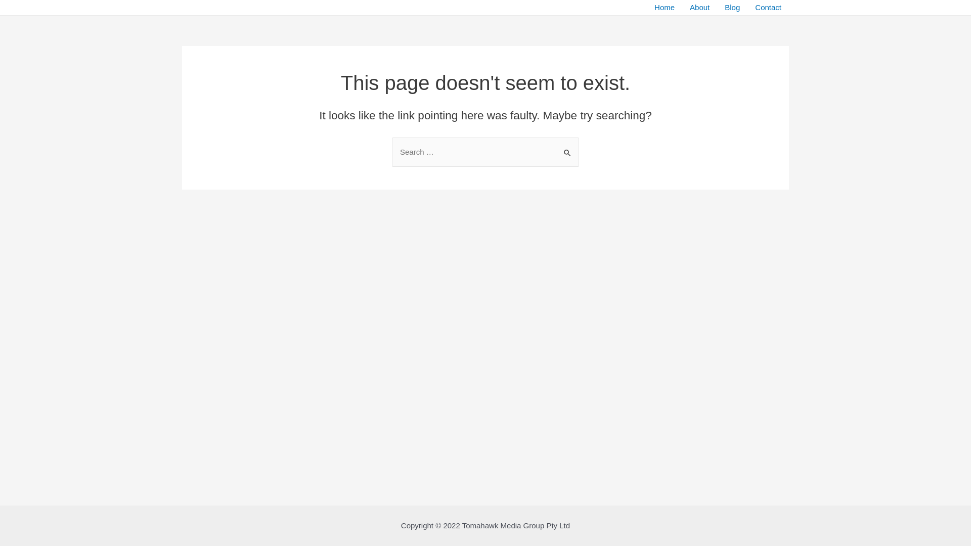  I want to click on 'Search', so click(567, 148).